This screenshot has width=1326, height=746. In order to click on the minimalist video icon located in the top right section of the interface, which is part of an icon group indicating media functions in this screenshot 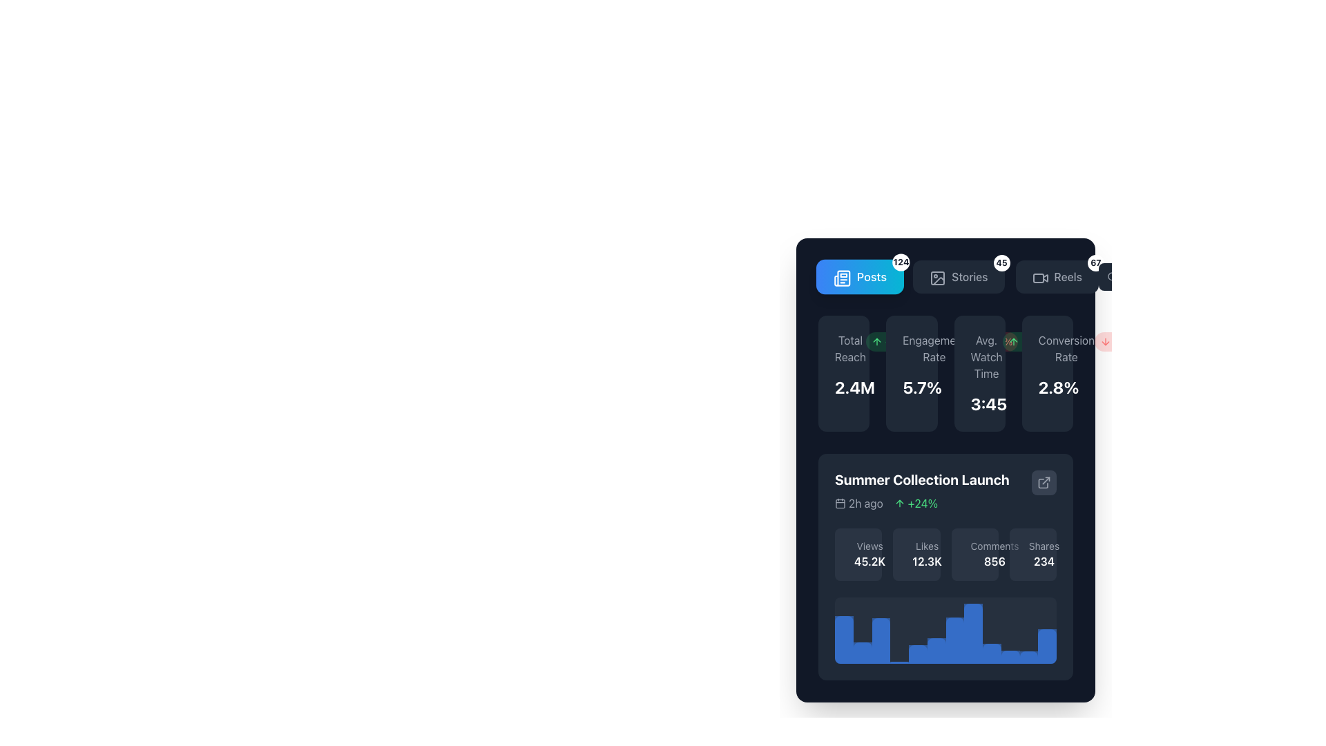, I will do `click(1038, 278)`.